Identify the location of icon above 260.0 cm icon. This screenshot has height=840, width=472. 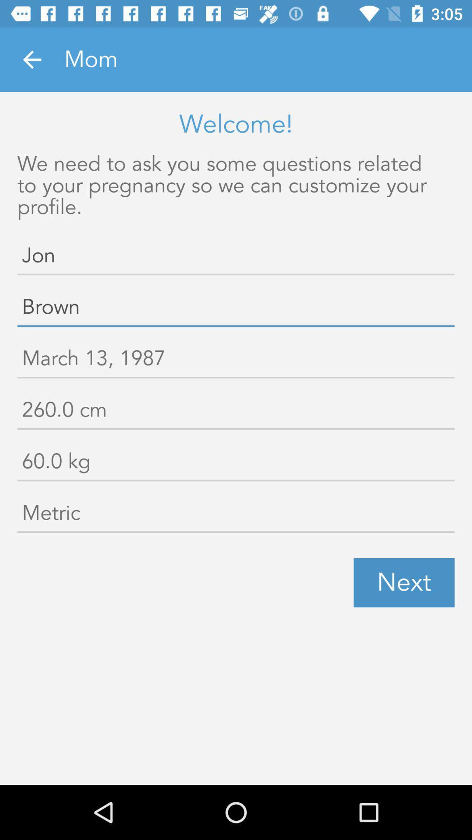
(236, 360).